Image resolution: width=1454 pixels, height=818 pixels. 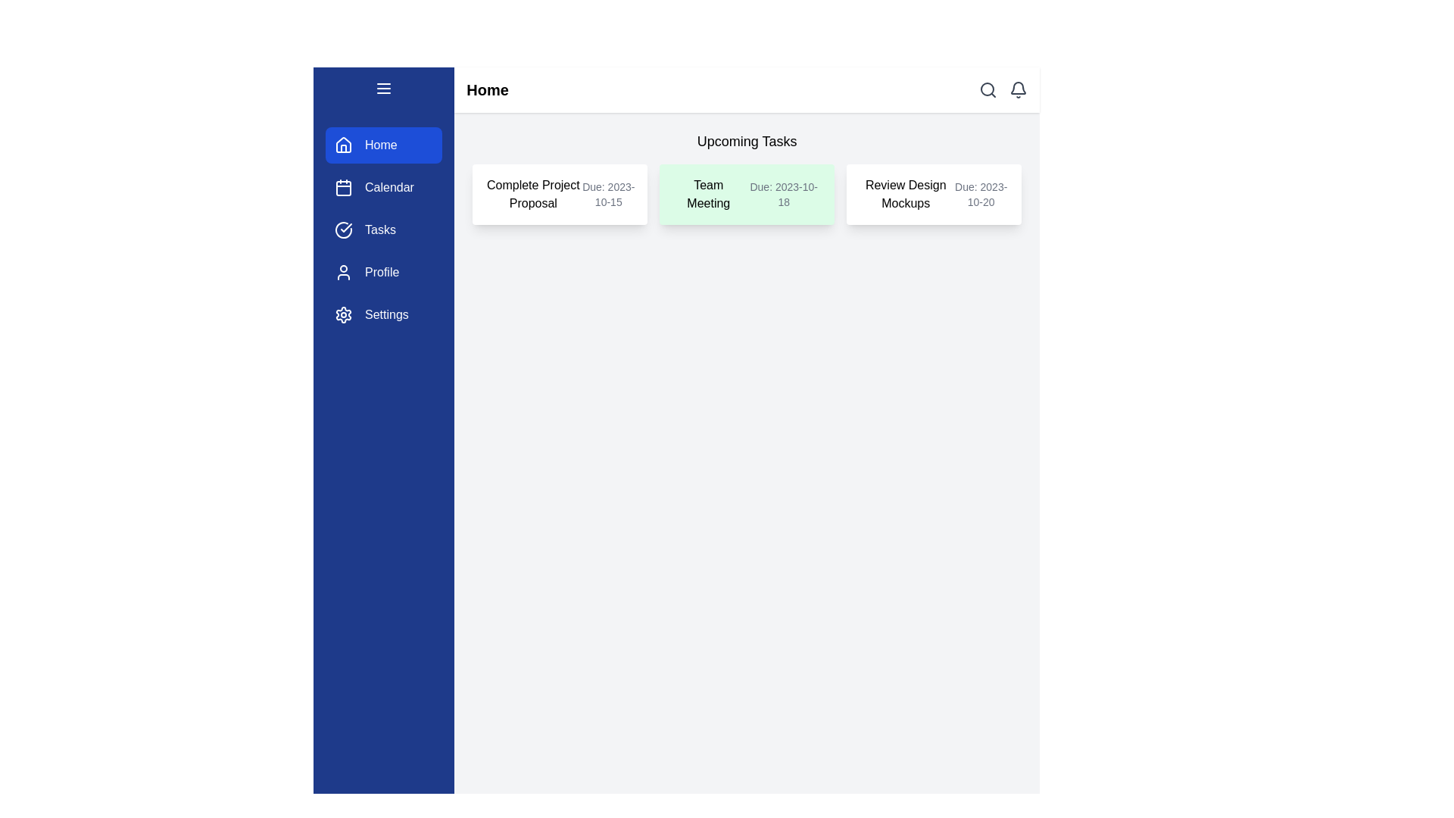 I want to click on the 'Settings' label located at the bottom of the sidebar menu, following the 'Profile' menu item, so click(x=386, y=314).